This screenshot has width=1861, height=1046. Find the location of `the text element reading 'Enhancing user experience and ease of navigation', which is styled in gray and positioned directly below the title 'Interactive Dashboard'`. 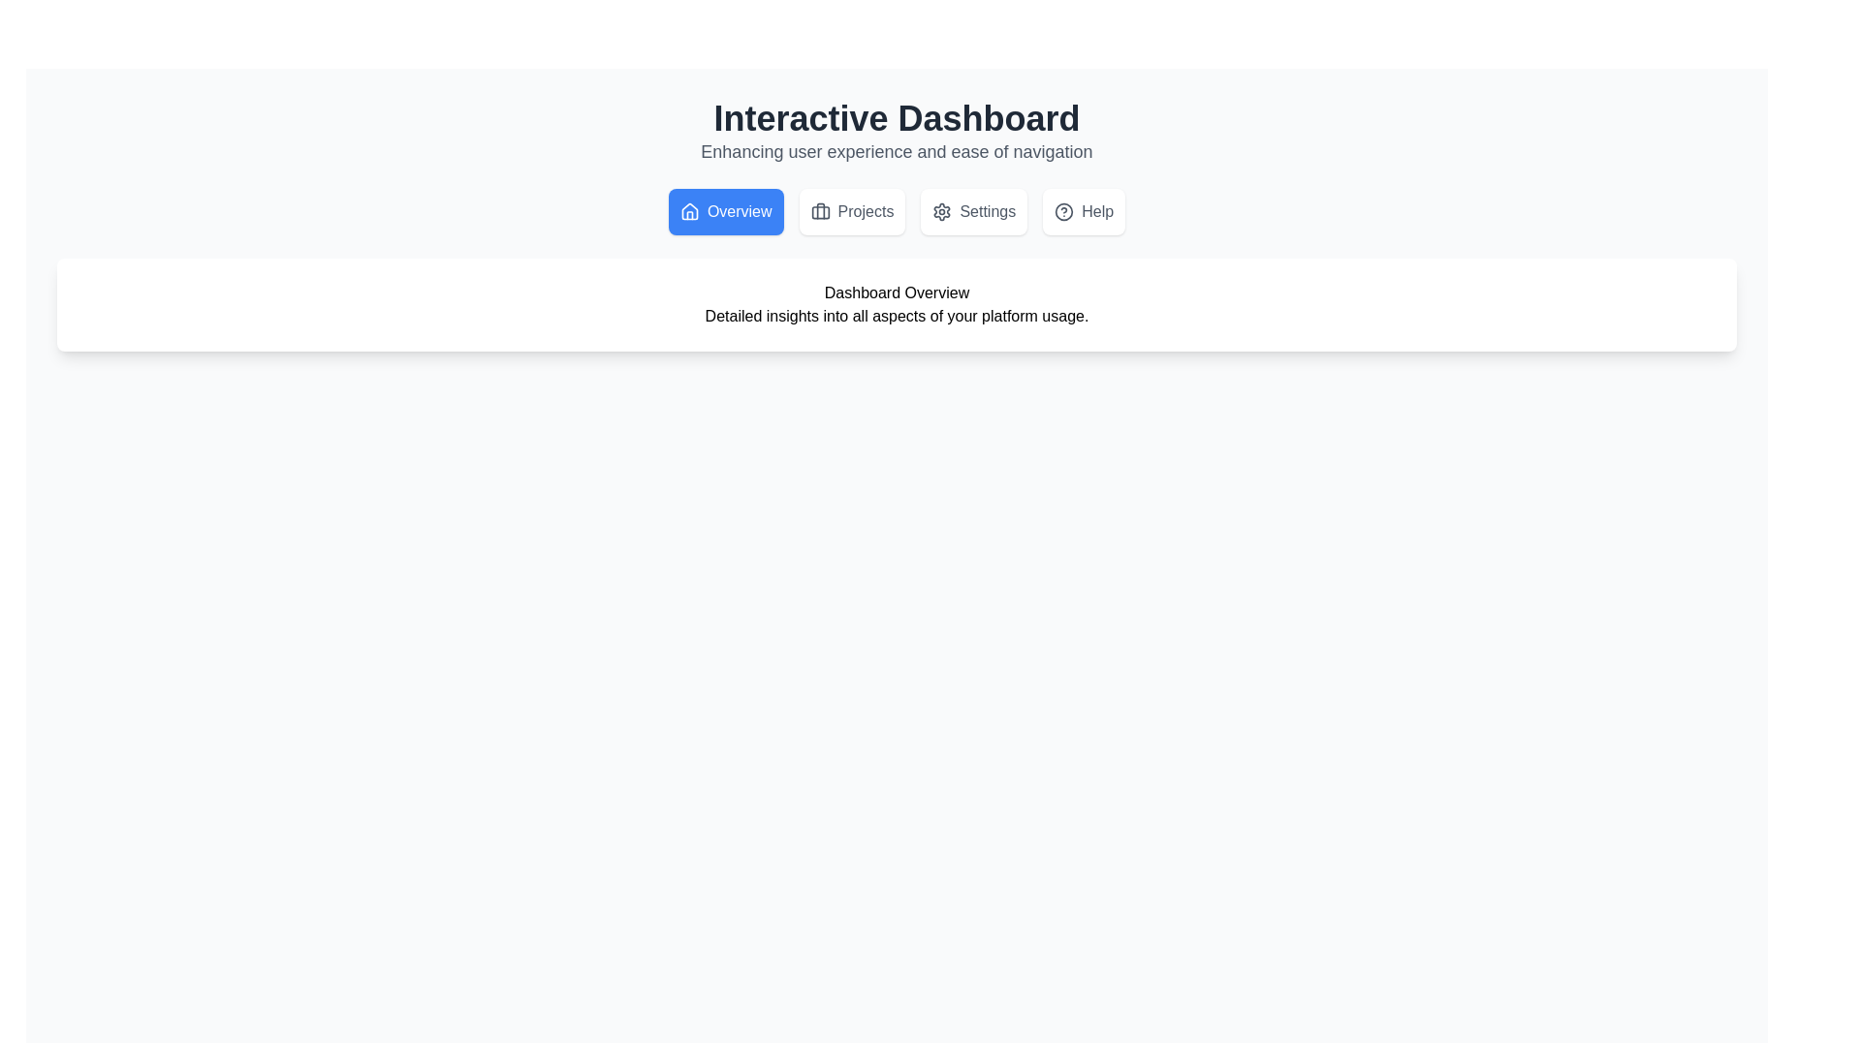

the text element reading 'Enhancing user experience and ease of navigation', which is styled in gray and positioned directly below the title 'Interactive Dashboard' is located at coordinates (896, 151).